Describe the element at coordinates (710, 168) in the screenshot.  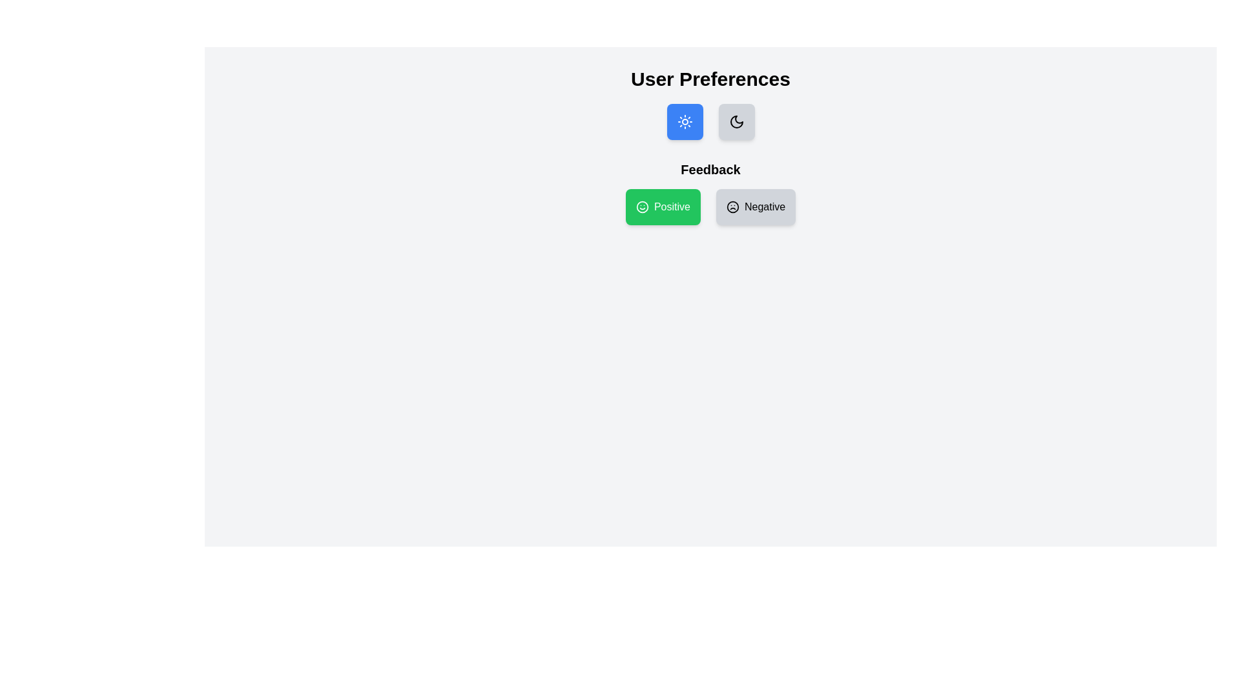
I see `the Text Label that introduces the user to the feedback section, positioned below 'User Preferences' and above the 'Positive' and 'Negative' buttons` at that location.